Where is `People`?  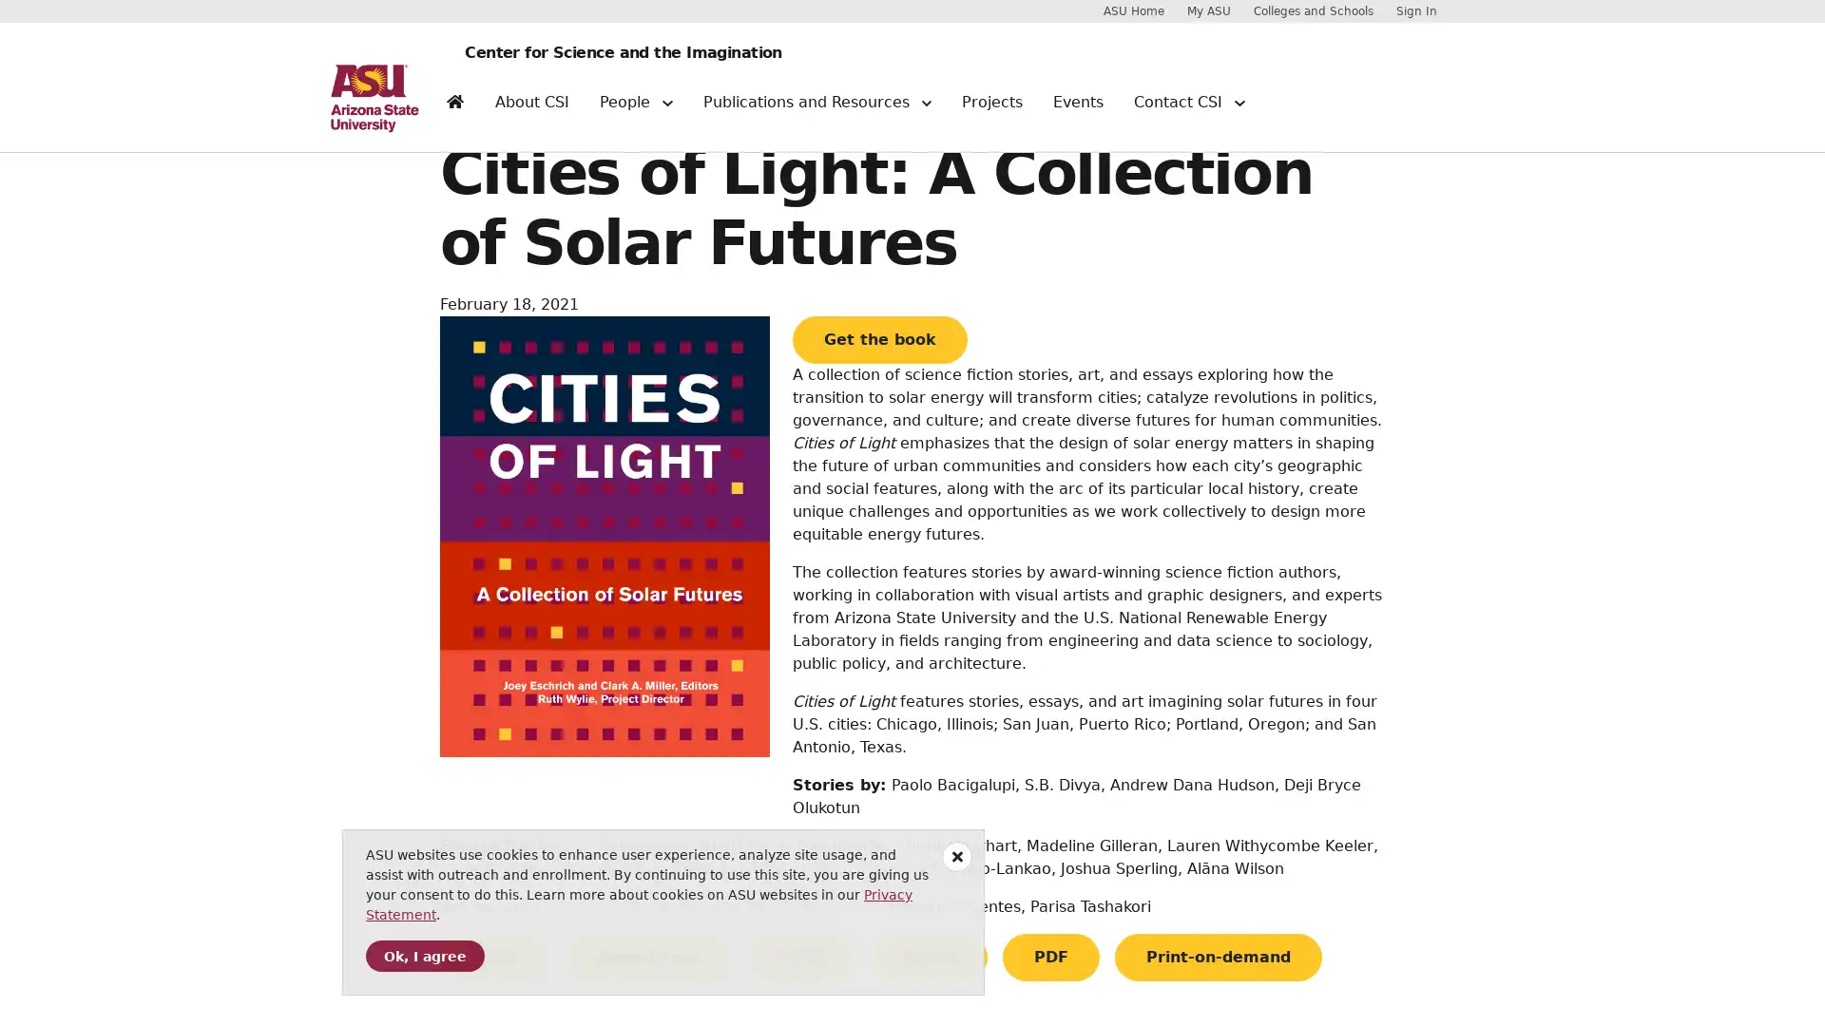 People is located at coordinates (635, 109).